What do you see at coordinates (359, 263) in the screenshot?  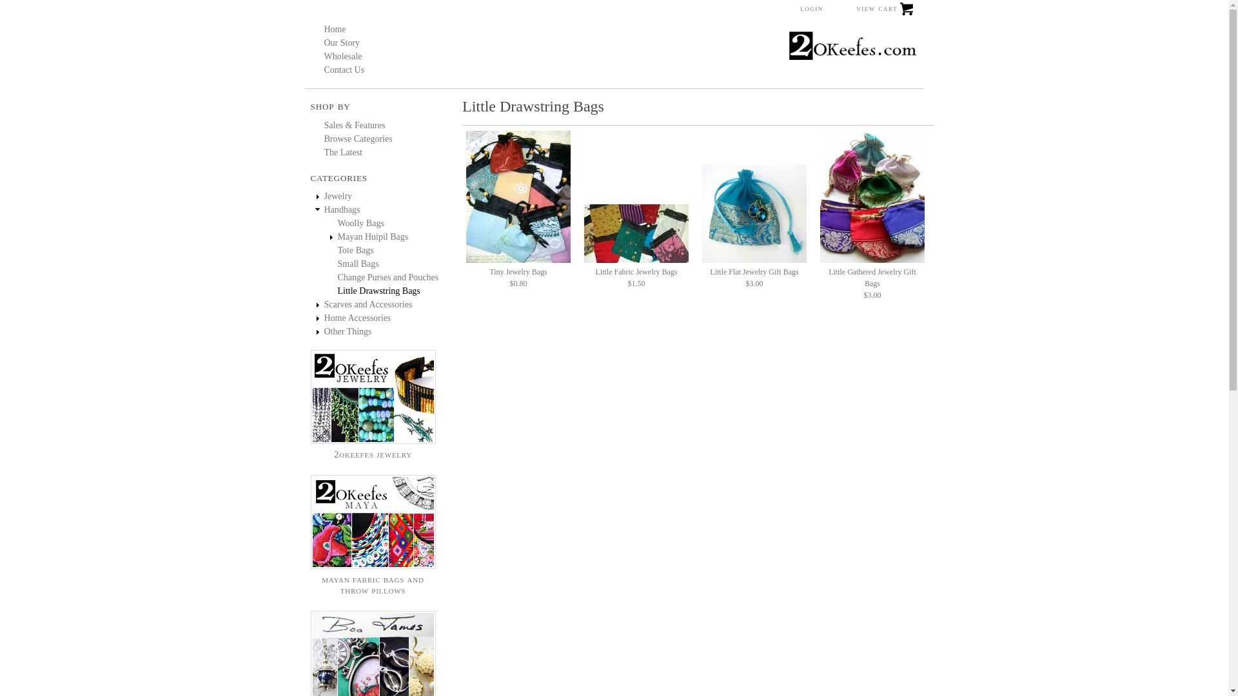 I see `'Small Bags'` at bounding box center [359, 263].